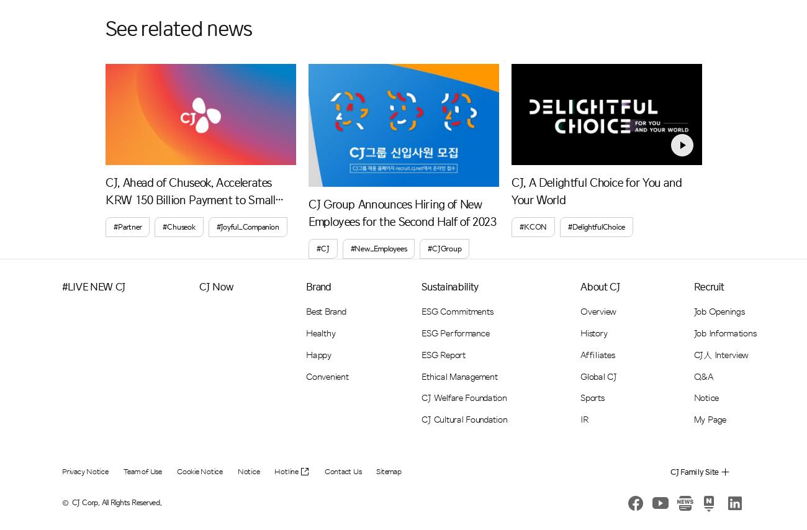  Describe the element at coordinates (402, 212) in the screenshot. I see `'CJ Group Announces Hiring of New Employees for the Second Half of 2023'` at that location.